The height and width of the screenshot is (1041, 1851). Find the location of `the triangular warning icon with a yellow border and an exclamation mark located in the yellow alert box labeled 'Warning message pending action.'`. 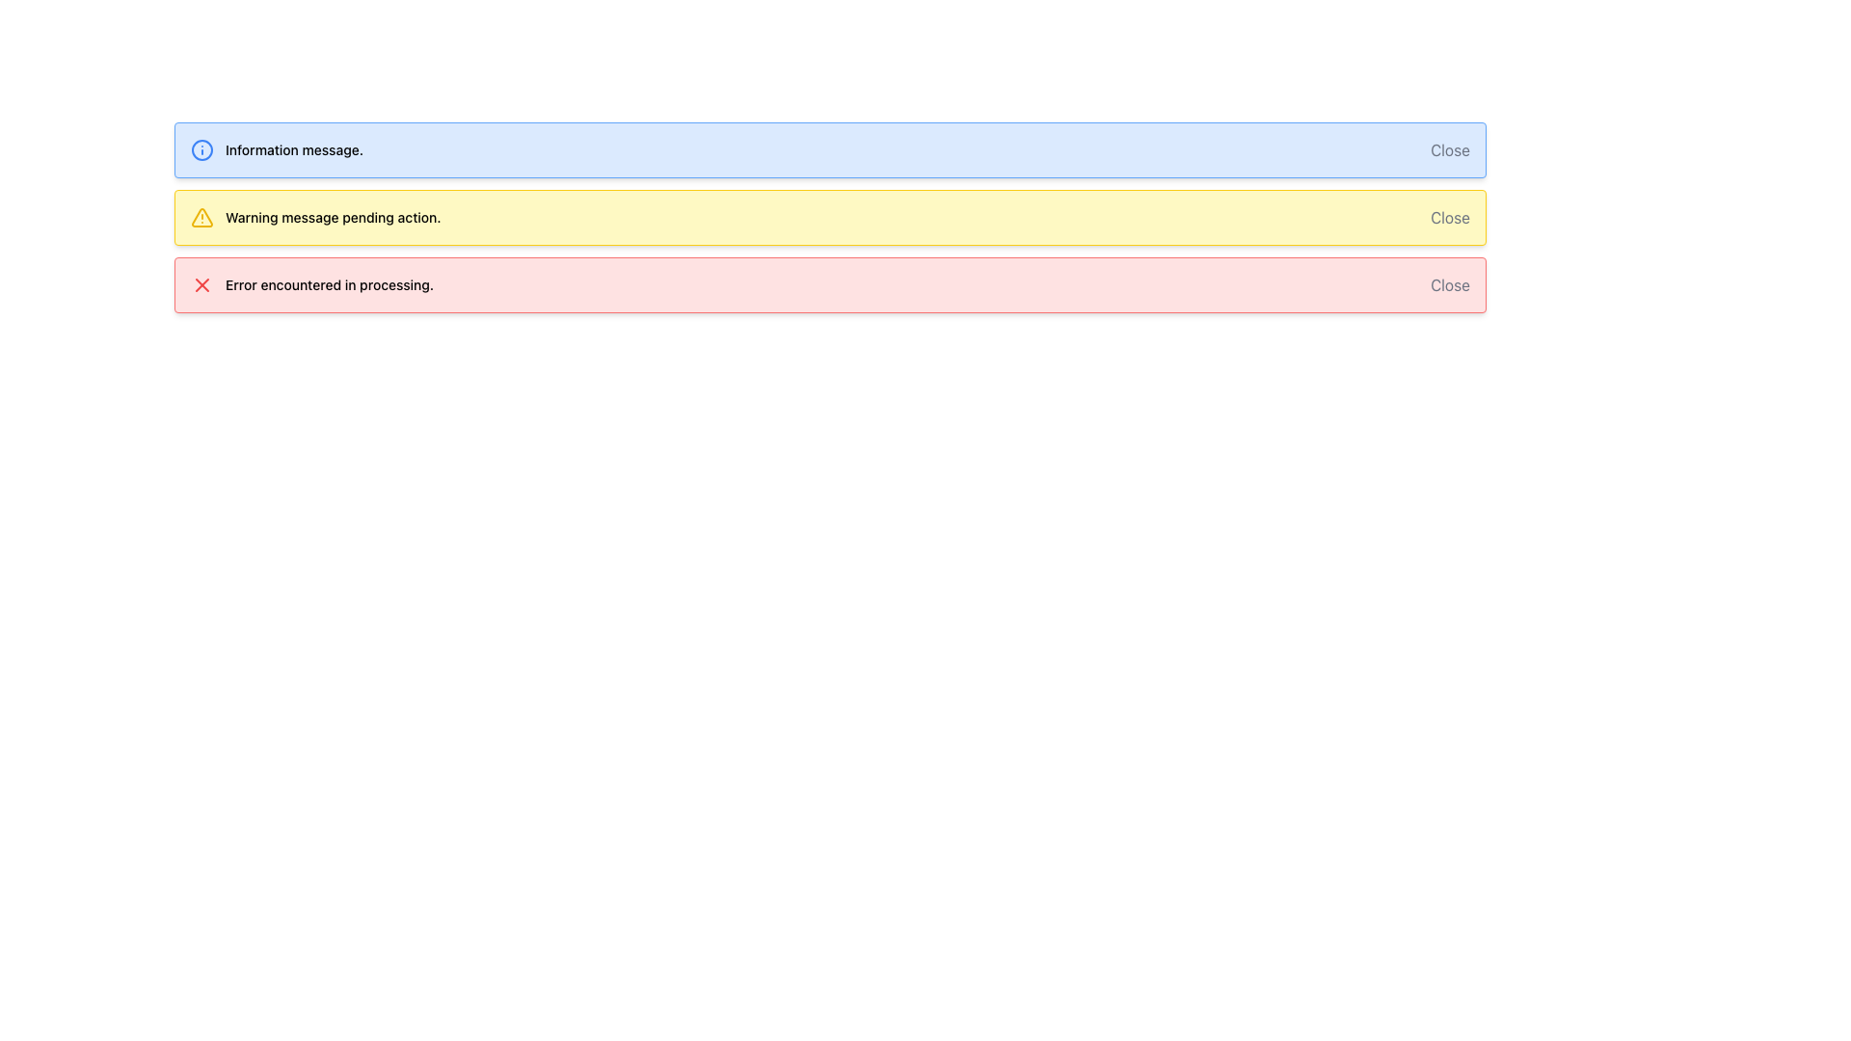

the triangular warning icon with a yellow border and an exclamation mark located in the yellow alert box labeled 'Warning message pending action.' is located at coordinates (202, 217).